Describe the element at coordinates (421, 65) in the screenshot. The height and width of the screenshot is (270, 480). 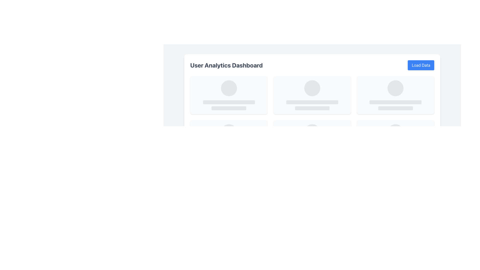
I see `the button located at the top-right corner of the 'User Analytics Dashboard'` at that location.